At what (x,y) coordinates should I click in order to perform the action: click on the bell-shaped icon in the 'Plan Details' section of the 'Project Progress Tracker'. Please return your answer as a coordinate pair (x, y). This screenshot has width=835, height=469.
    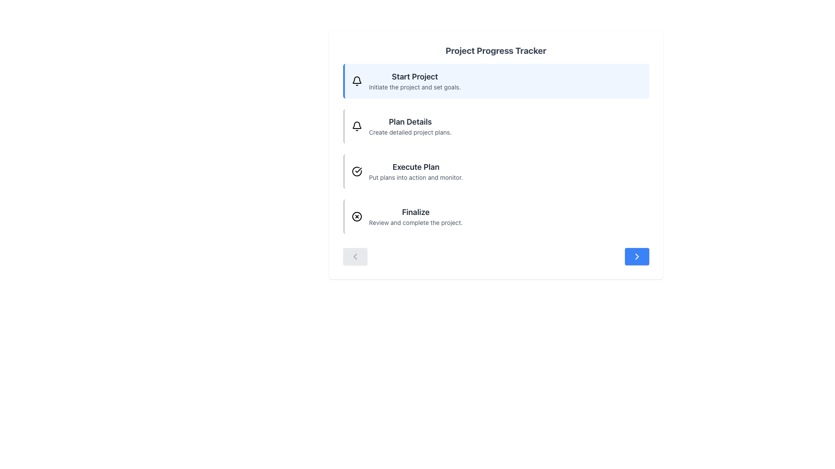
    Looking at the image, I should click on (357, 126).